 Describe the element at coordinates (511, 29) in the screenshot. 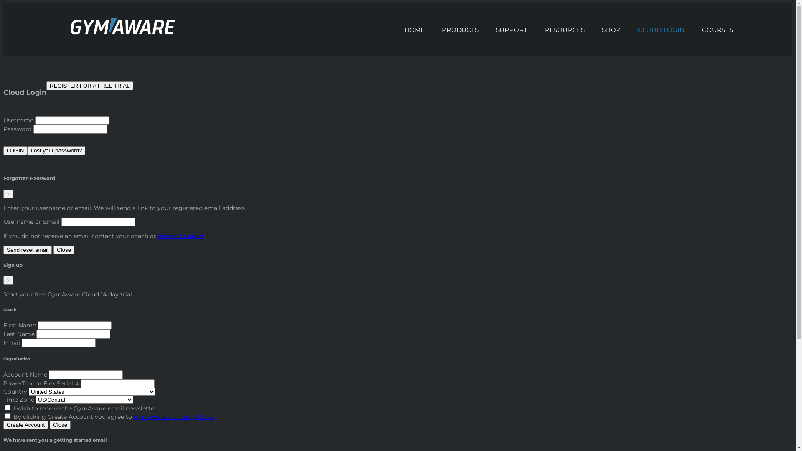

I see `'SUPPORT'` at that location.